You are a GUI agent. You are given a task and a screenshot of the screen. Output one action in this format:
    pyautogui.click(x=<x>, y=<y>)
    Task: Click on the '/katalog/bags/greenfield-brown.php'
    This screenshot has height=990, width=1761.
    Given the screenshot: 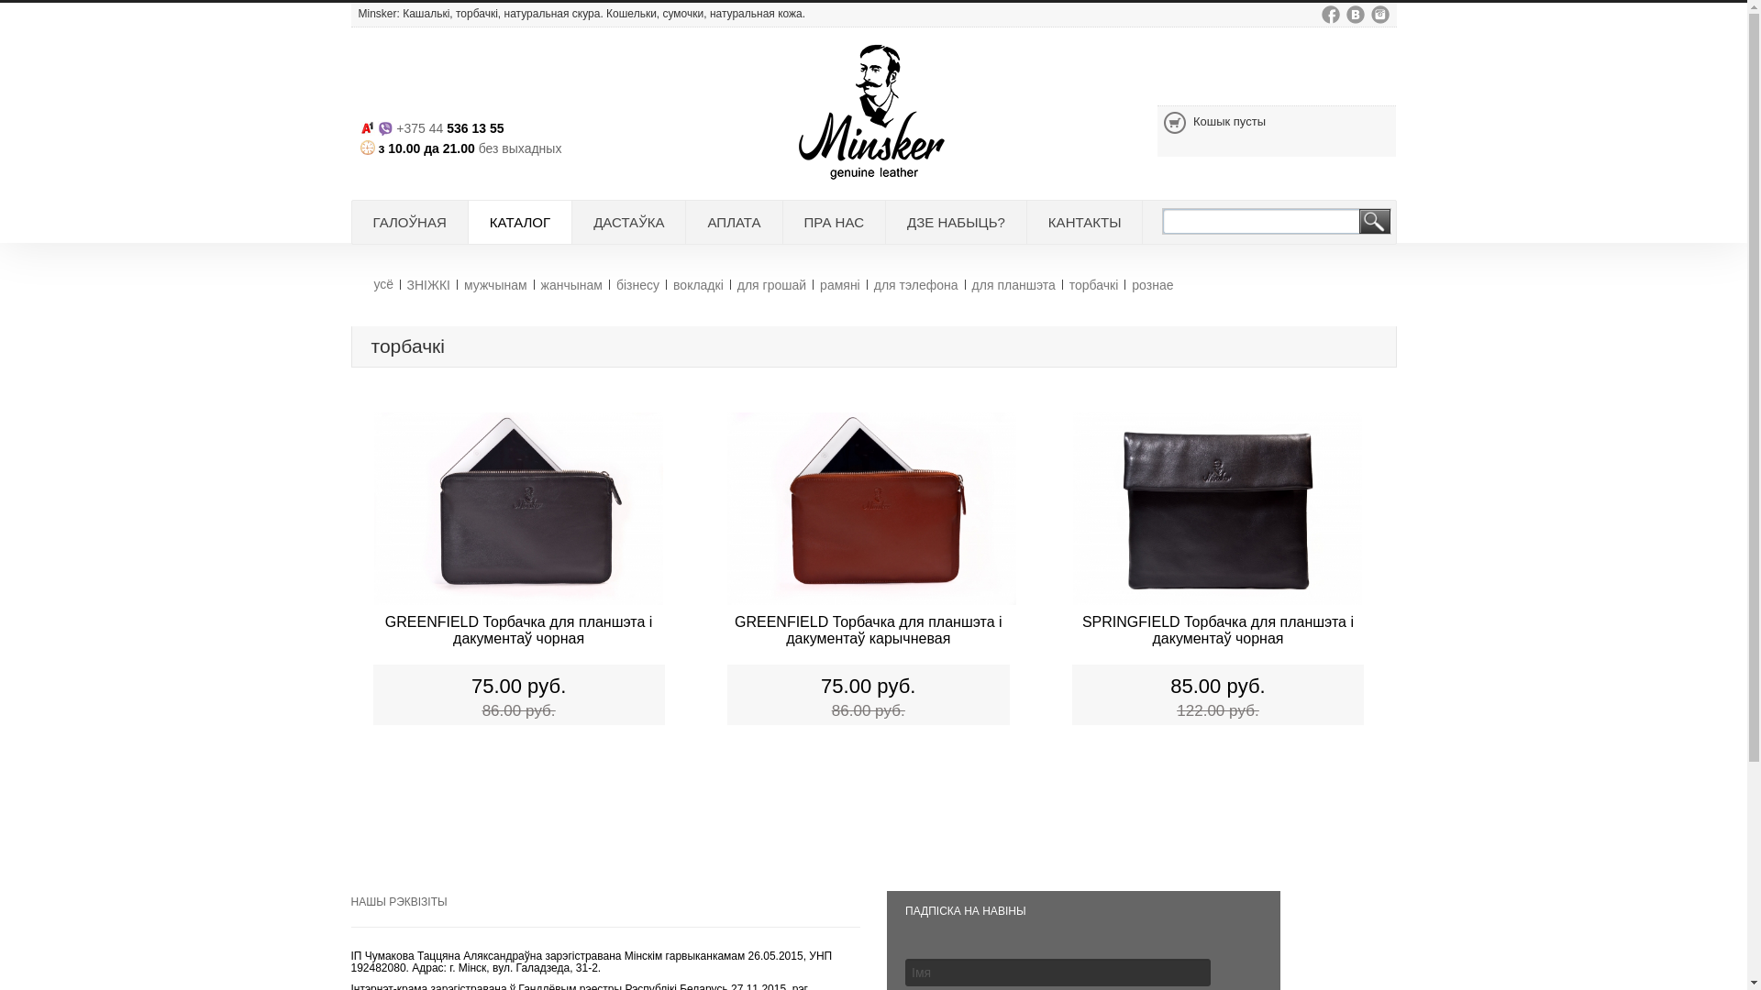 What is the action you would take?
    pyautogui.click(x=870, y=511)
    